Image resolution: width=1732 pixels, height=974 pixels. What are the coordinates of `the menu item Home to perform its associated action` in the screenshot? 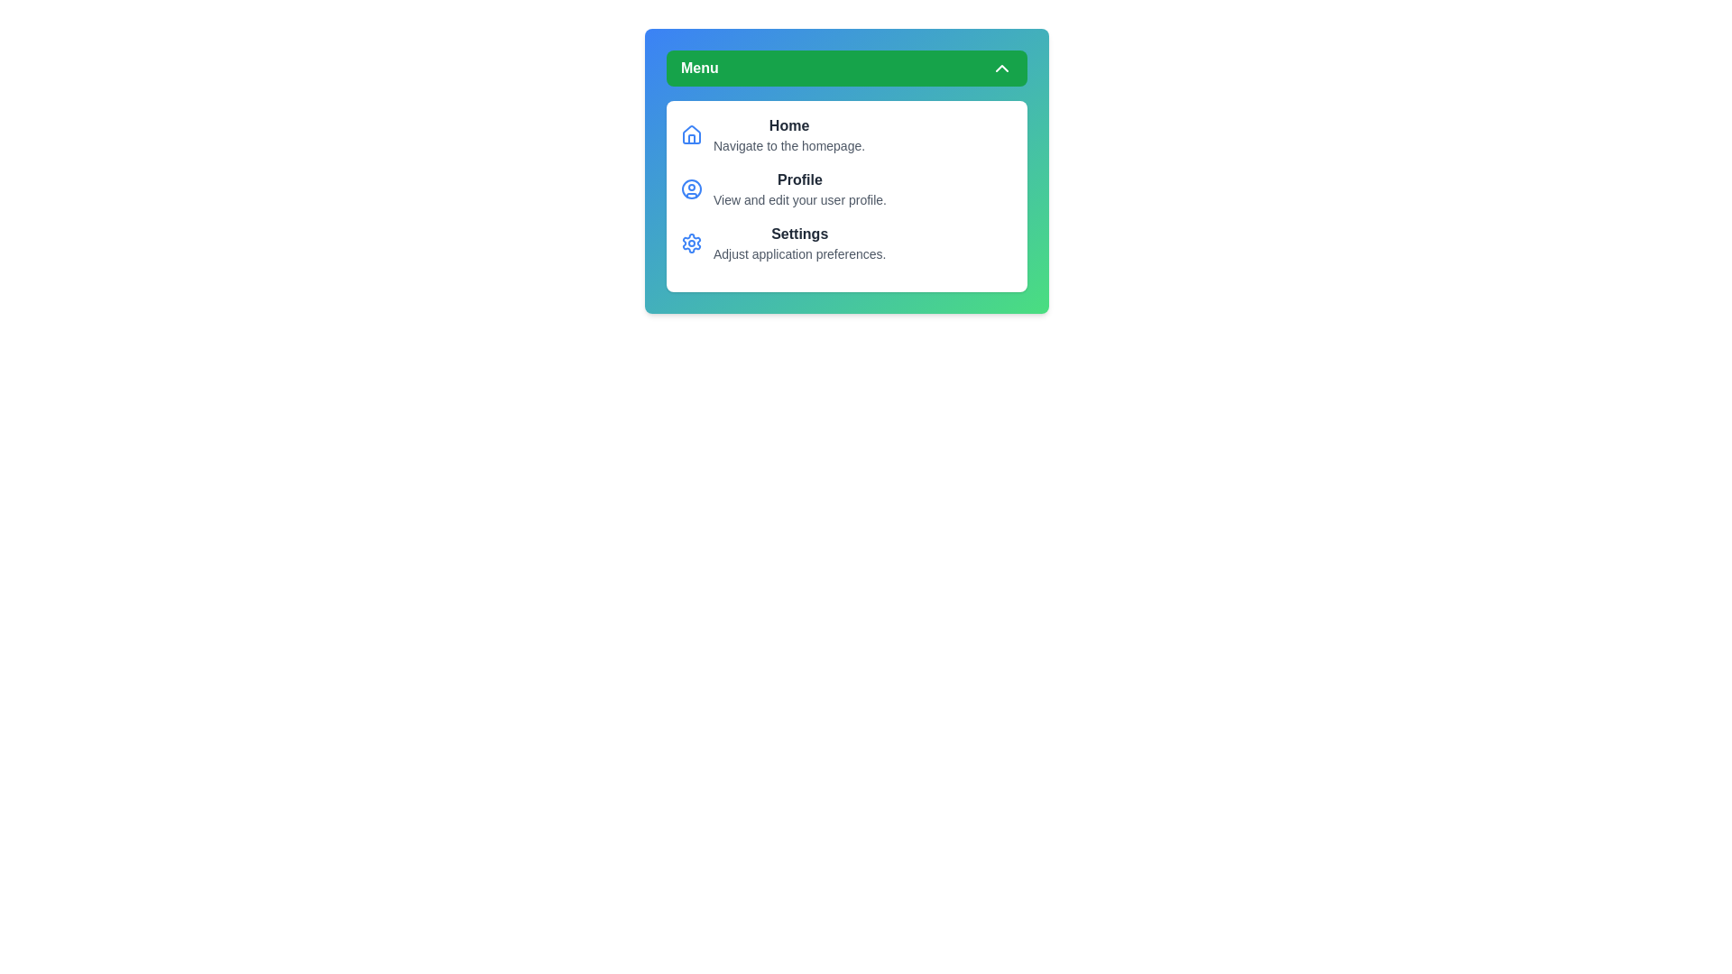 It's located at (788, 134).